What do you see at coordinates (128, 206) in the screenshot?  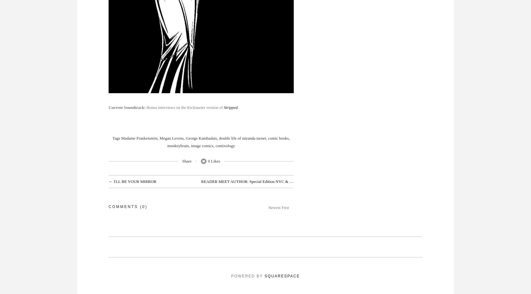 I see `'Comments (0)'` at bounding box center [128, 206].